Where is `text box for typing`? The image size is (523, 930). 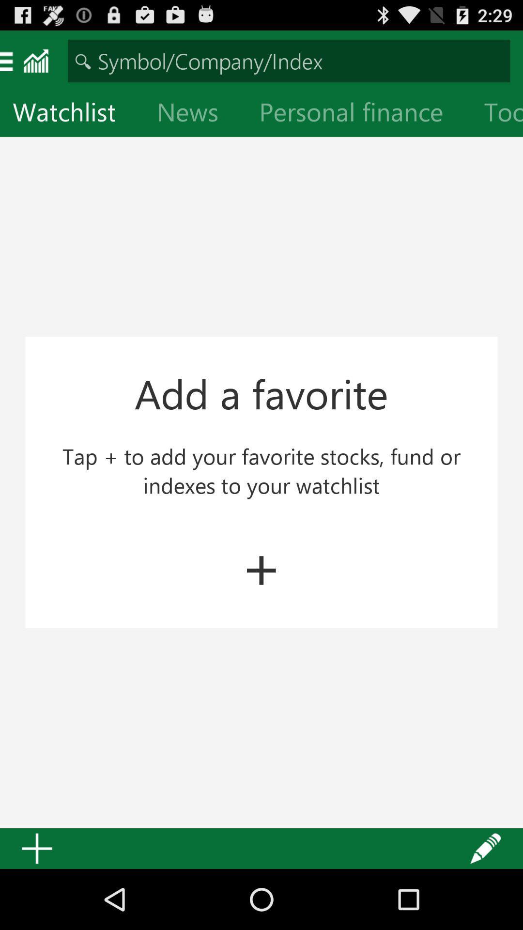 text box for typing is located at coordinates (289, 60).